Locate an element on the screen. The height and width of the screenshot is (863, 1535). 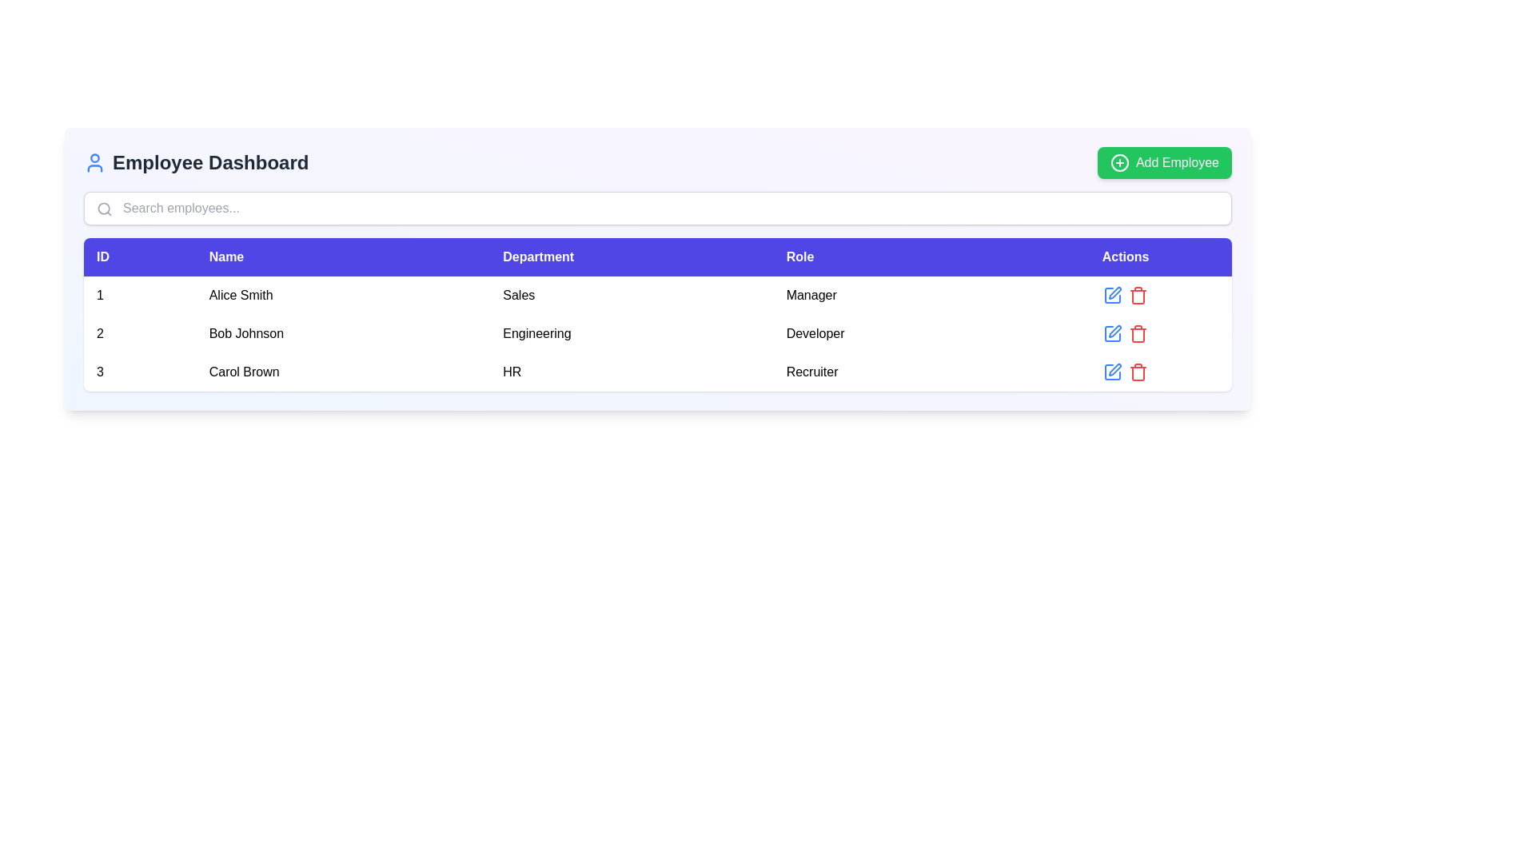
the text in the first row of the employee details table, which includes the entries '1', 'Alice Smith', 'Sales', and 'Manager' is located at coordinates (657, 296).